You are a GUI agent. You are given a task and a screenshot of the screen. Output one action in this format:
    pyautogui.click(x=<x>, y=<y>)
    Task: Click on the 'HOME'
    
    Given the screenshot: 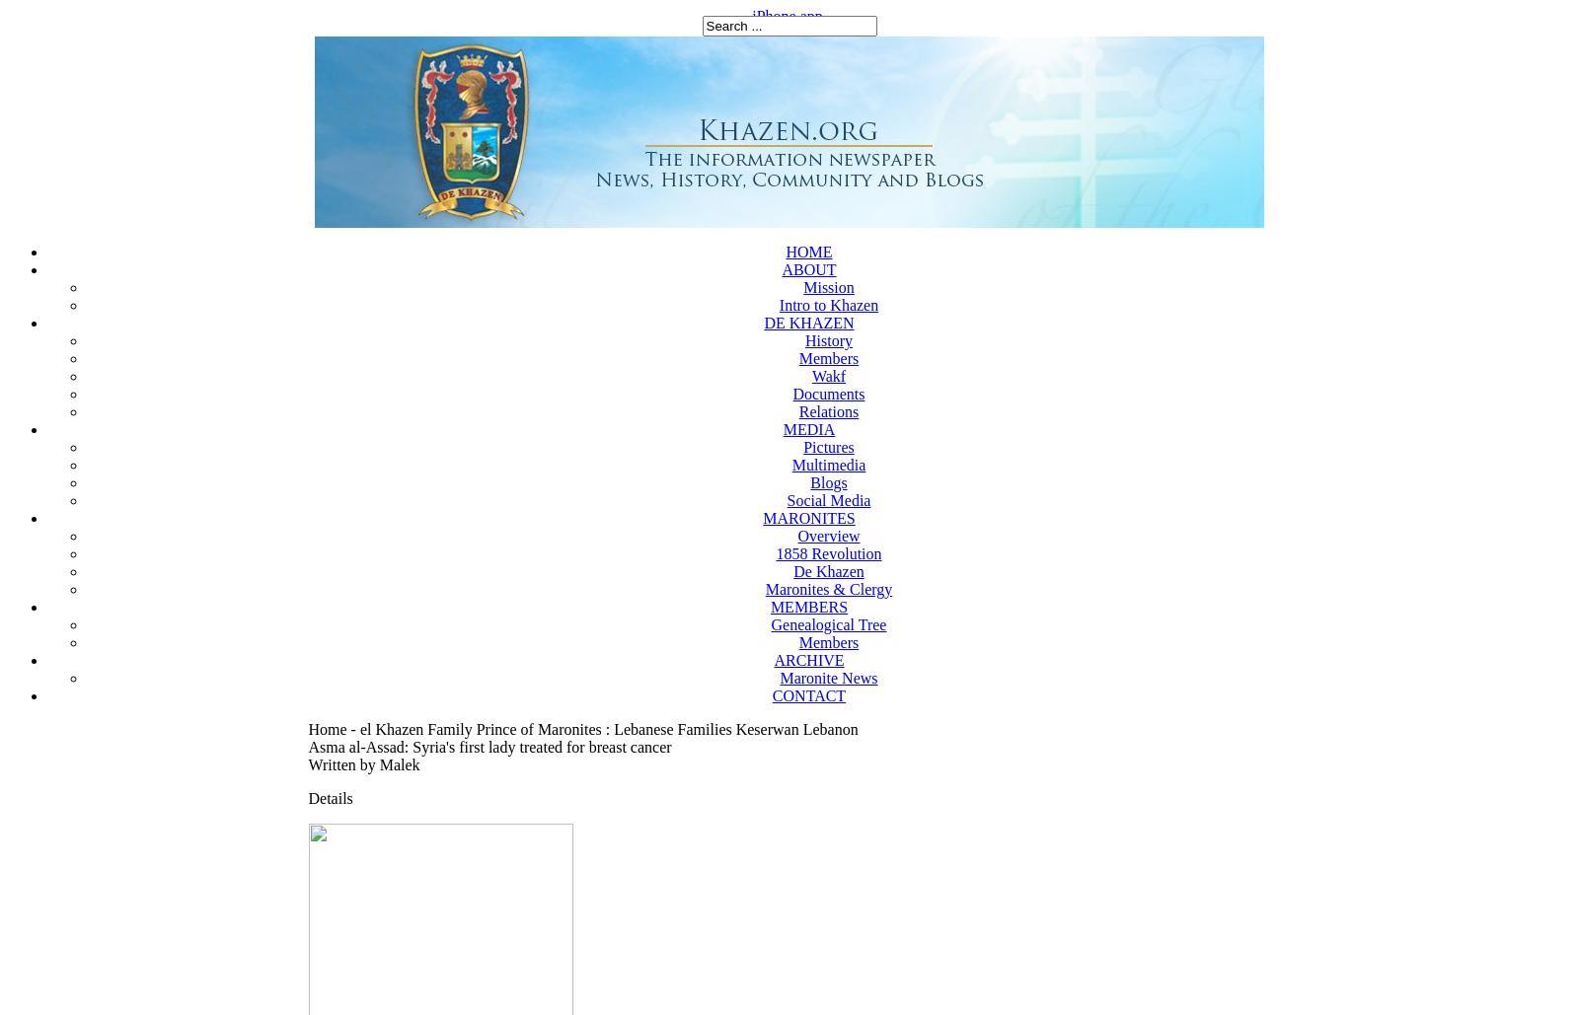 What is the action you would take?
    pyautogui.click(x=807, y=251)
    